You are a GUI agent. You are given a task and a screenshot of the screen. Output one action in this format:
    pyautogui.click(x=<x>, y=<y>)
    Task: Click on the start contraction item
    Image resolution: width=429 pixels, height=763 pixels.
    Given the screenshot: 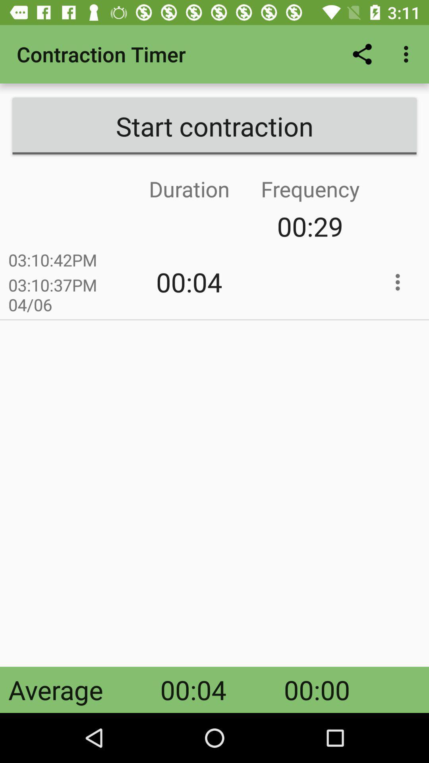 What is the action you would take?
    pyautogui.click(x=214, y=126)
    